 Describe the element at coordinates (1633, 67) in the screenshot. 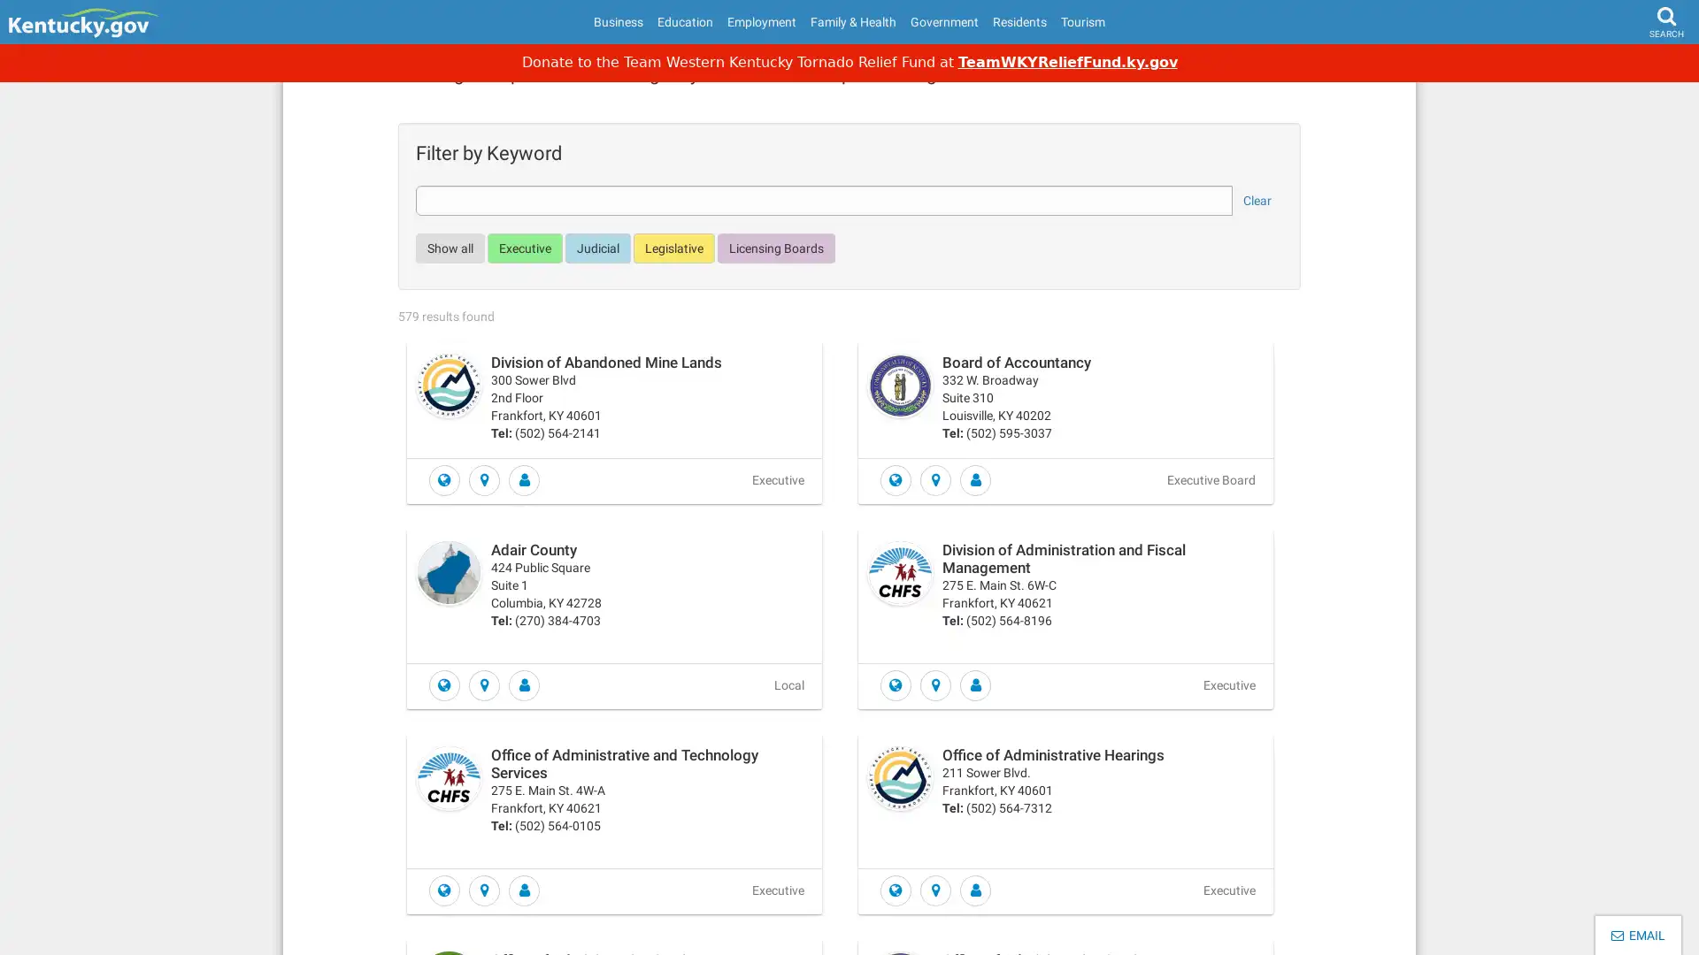

I see `Search` at that location.